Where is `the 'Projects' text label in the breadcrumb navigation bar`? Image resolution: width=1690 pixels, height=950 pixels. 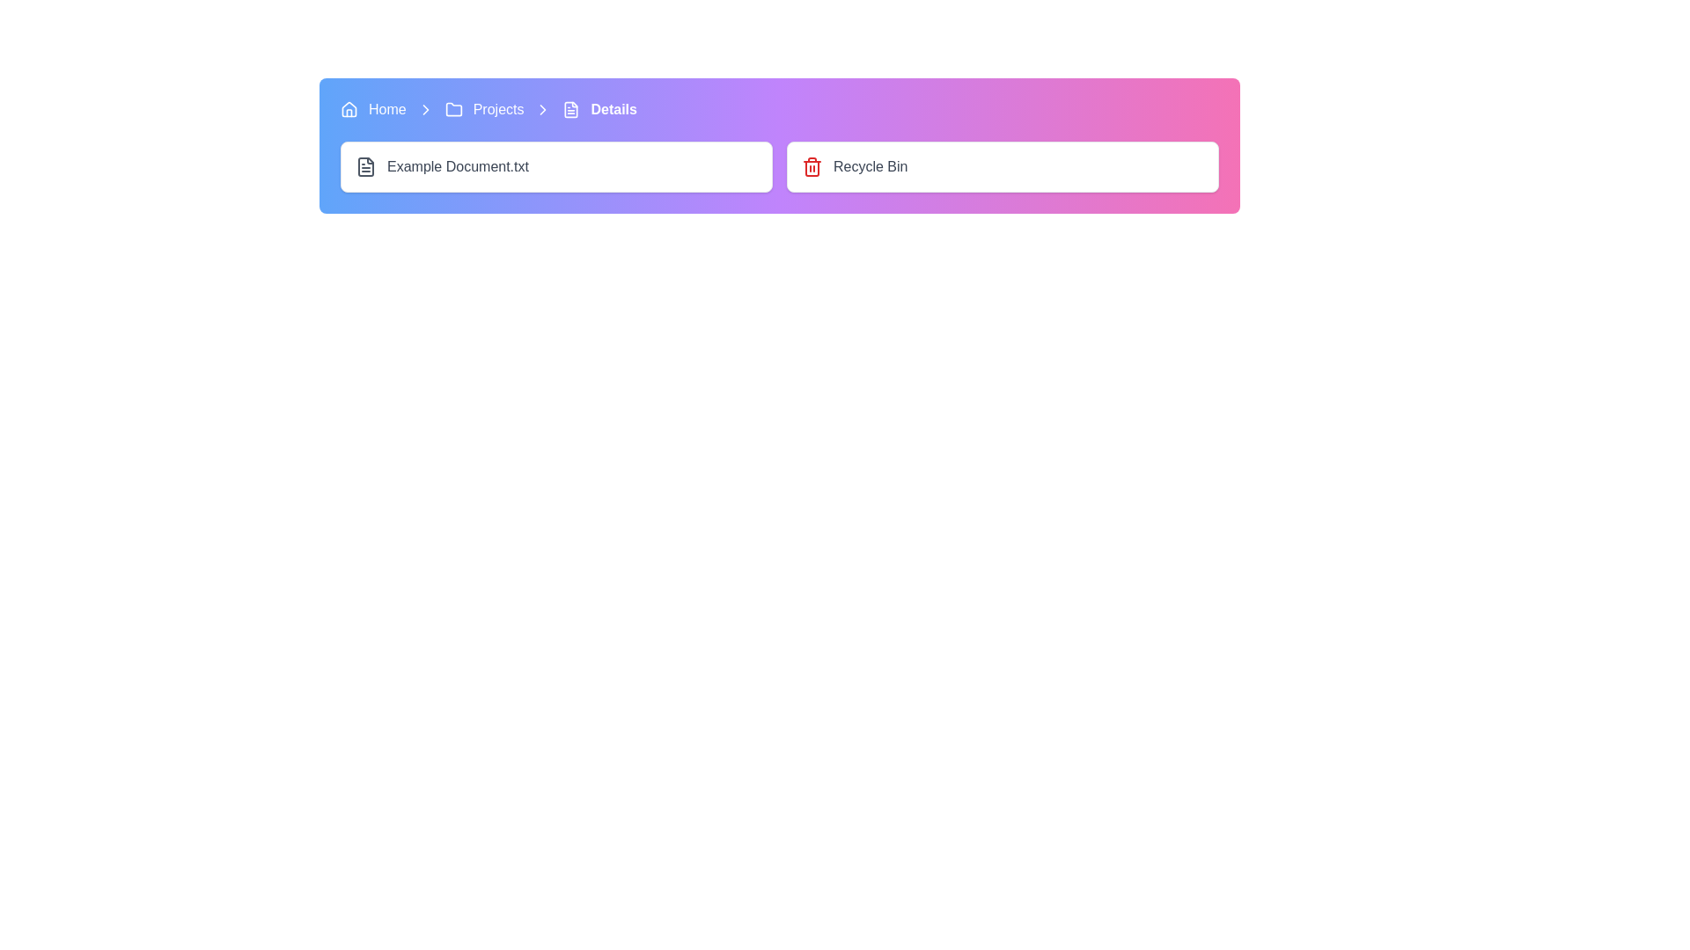
the 'Projects' text label in the breadcrumb navigation bar is located at coordinates (497, 109).